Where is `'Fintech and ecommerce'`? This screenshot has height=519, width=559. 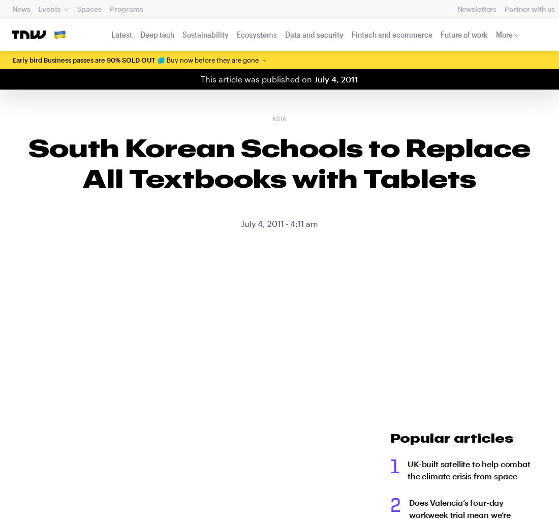 'Fintech and ecommerce' is located at coordinates (391, 34).